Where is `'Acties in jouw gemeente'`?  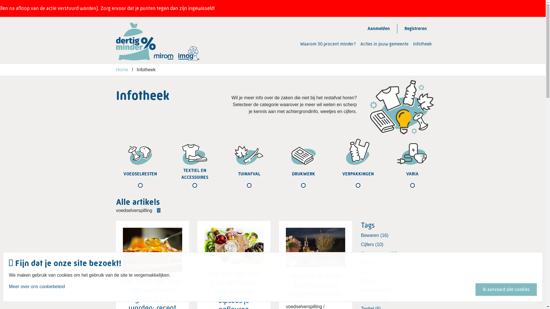 'Acties in jouw gemeente' is located at coordinates (384, 43).